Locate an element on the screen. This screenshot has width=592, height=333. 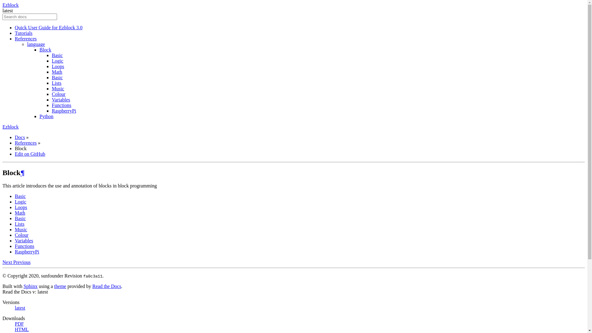
'Colour' is located at coordinates (22, 235).